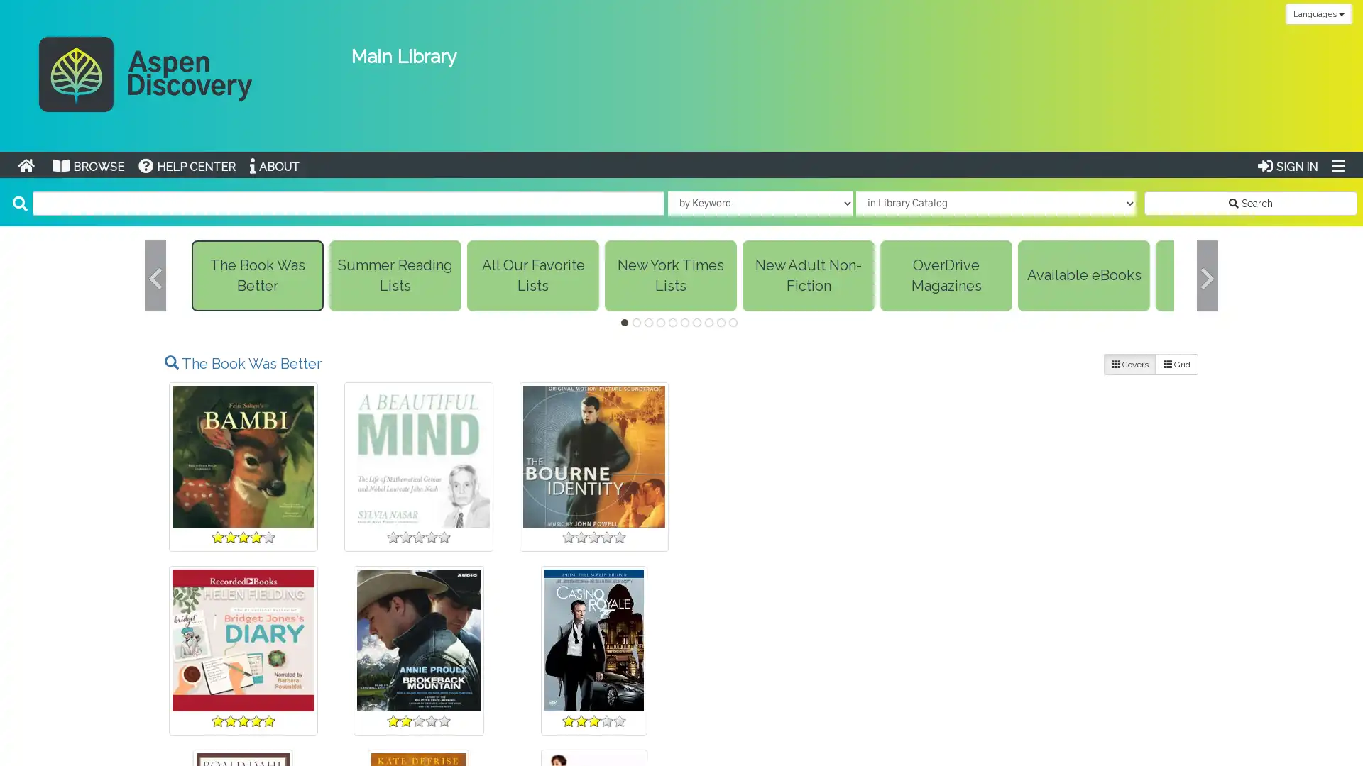 The image size is (1363, 766). I want to click on Search, so click(1250, 202).